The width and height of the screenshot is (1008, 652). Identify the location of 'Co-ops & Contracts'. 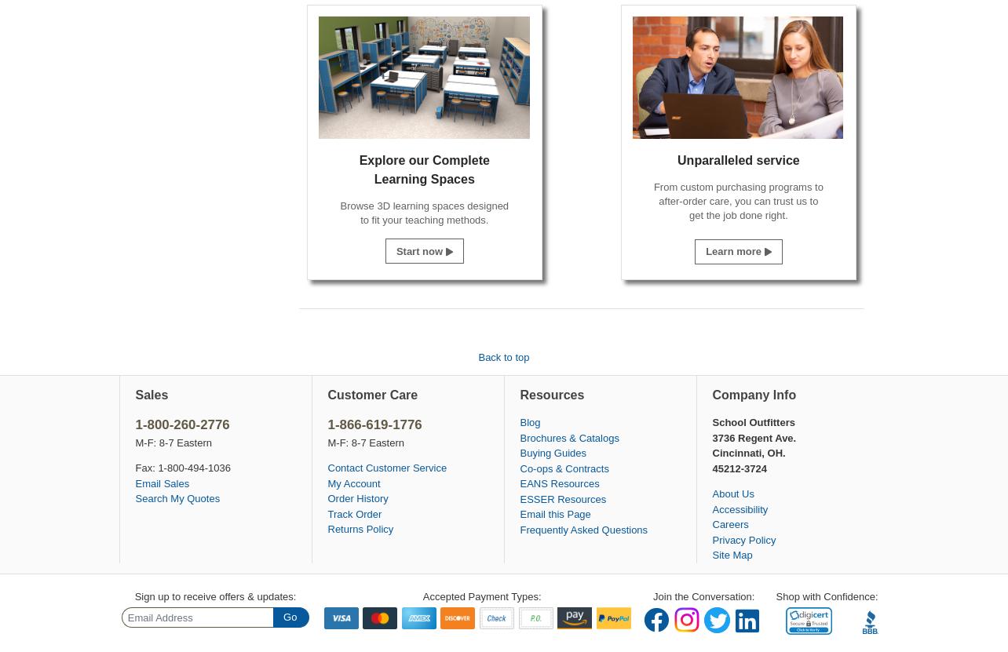
(564, 468).